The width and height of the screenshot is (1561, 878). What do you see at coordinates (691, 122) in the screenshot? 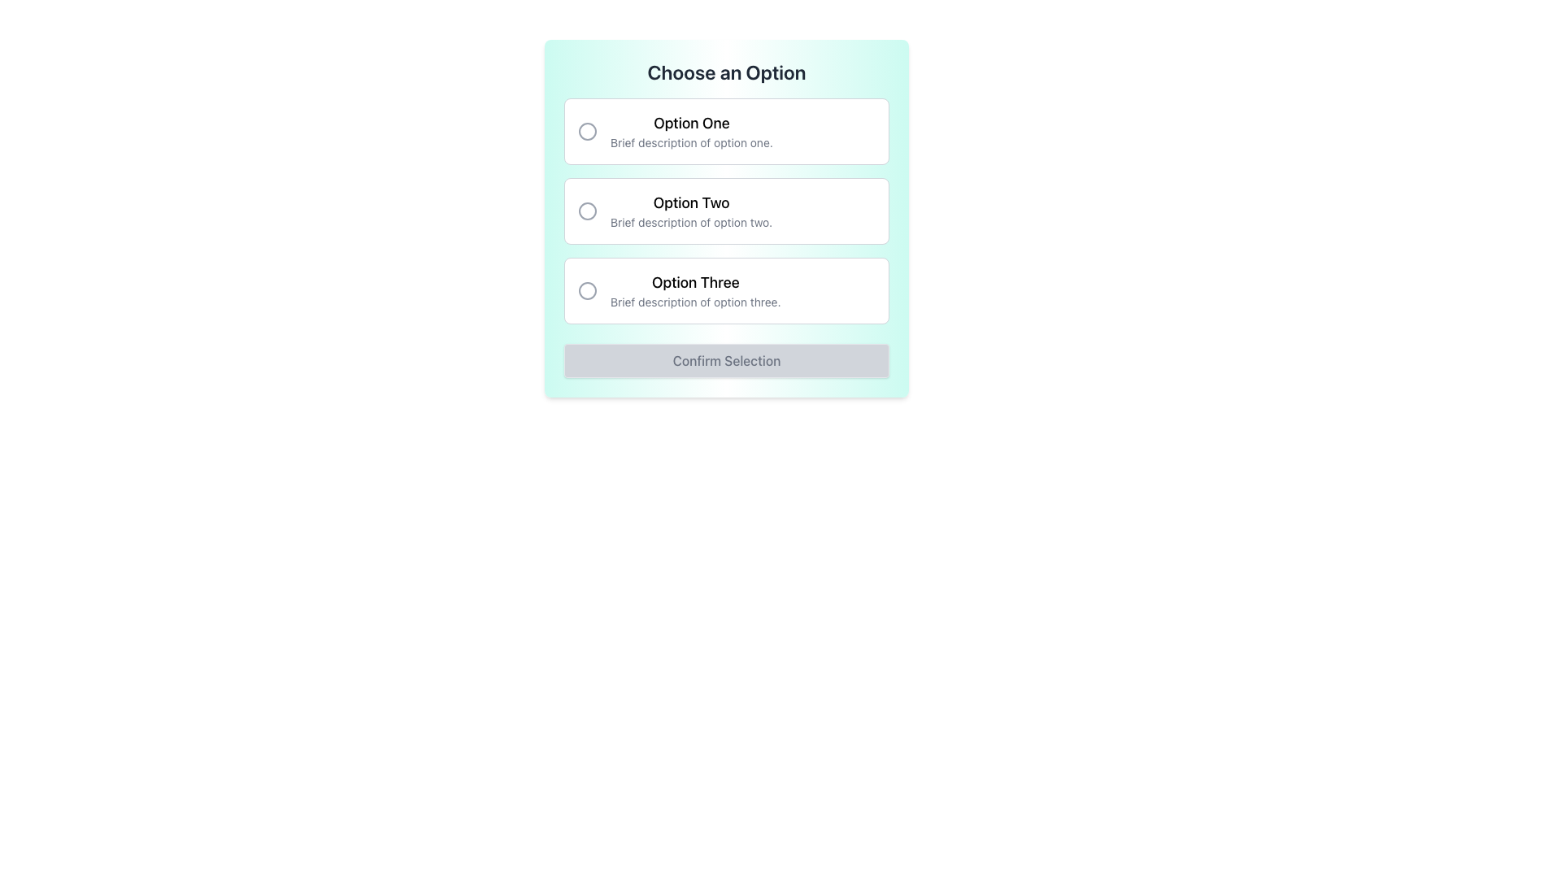
I see `the text label displaying 'Option One' which is styled in a larger bold font and located at the top of the first selectable option in a mint green selection dialogue box` at bounding box center [691, 122].